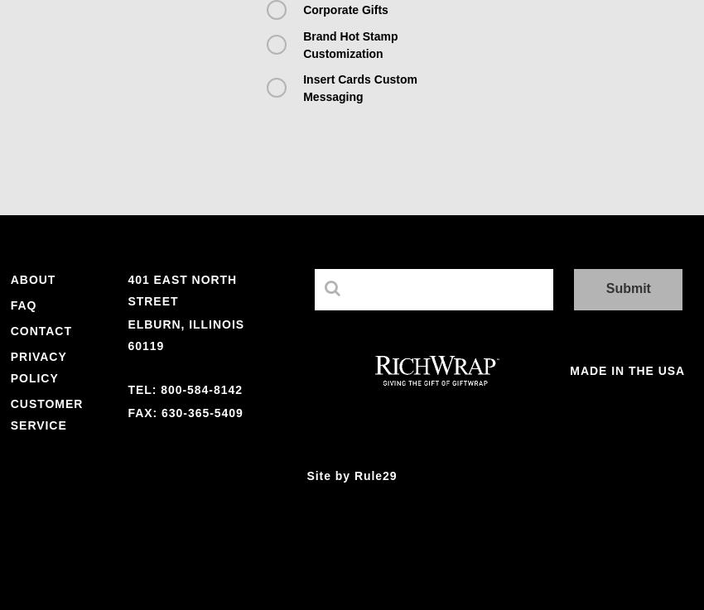 Image resolution: width=704 pixels, height=610 pixels. What do you see at coordinates (128, 411) in the screenshot?
I see `'Fax: 630-365-5409'` at bounding box center [128, 411].